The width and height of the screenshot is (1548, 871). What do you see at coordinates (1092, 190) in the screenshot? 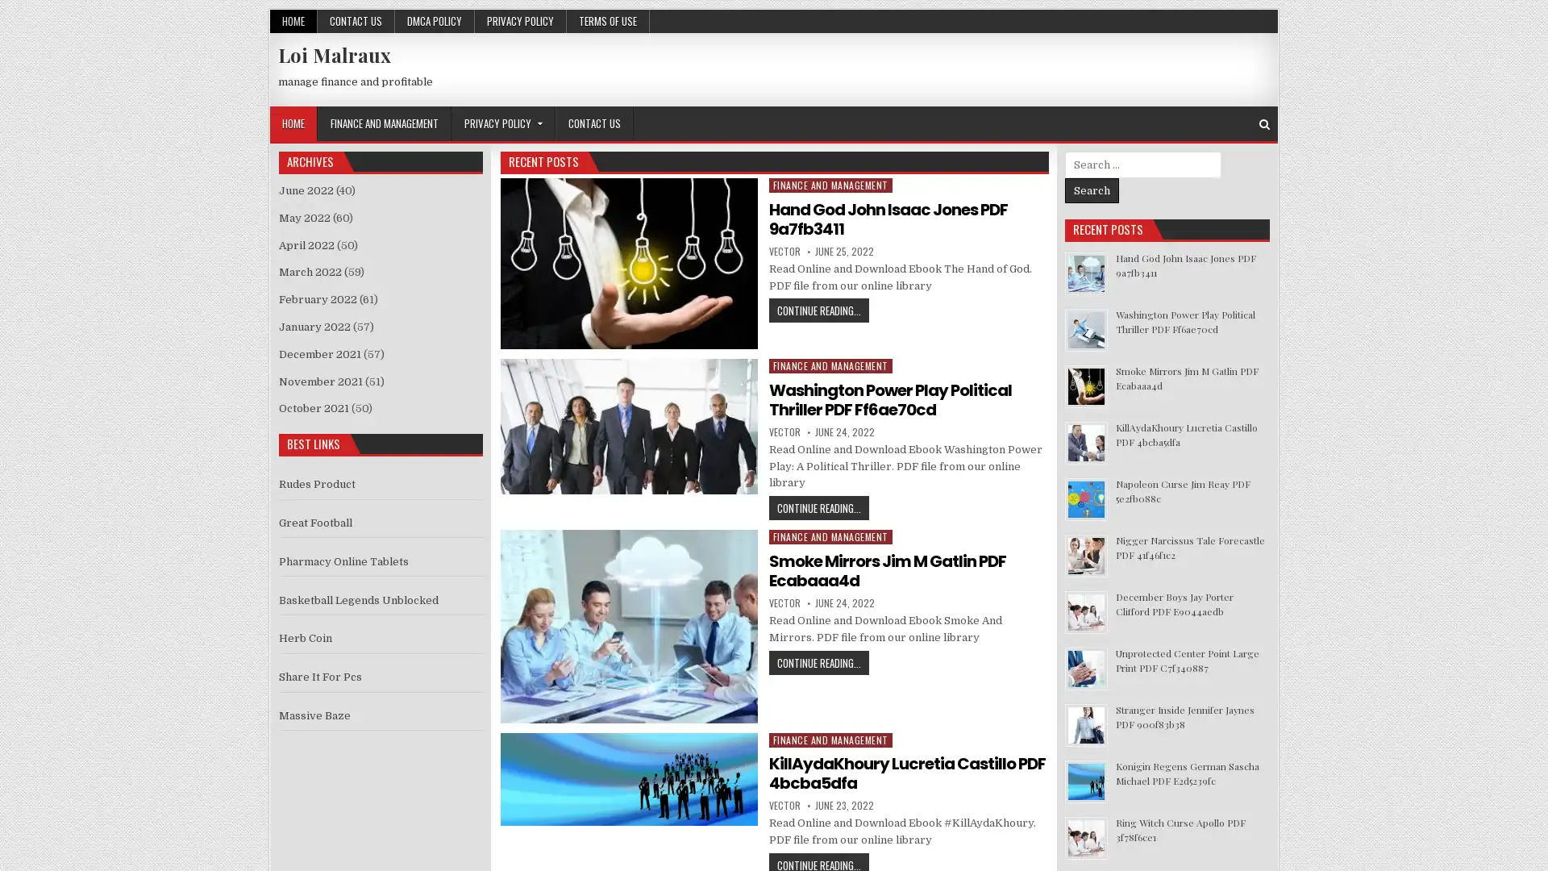
I see `Search` at bounding box center [1092, 190].